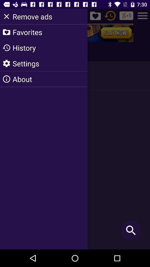 The width and height of the screenshot is (150, 267). What do you see at coordinates (7, 15) in the screenshot?
I see `the close icon` at bounding box center [7, 15].